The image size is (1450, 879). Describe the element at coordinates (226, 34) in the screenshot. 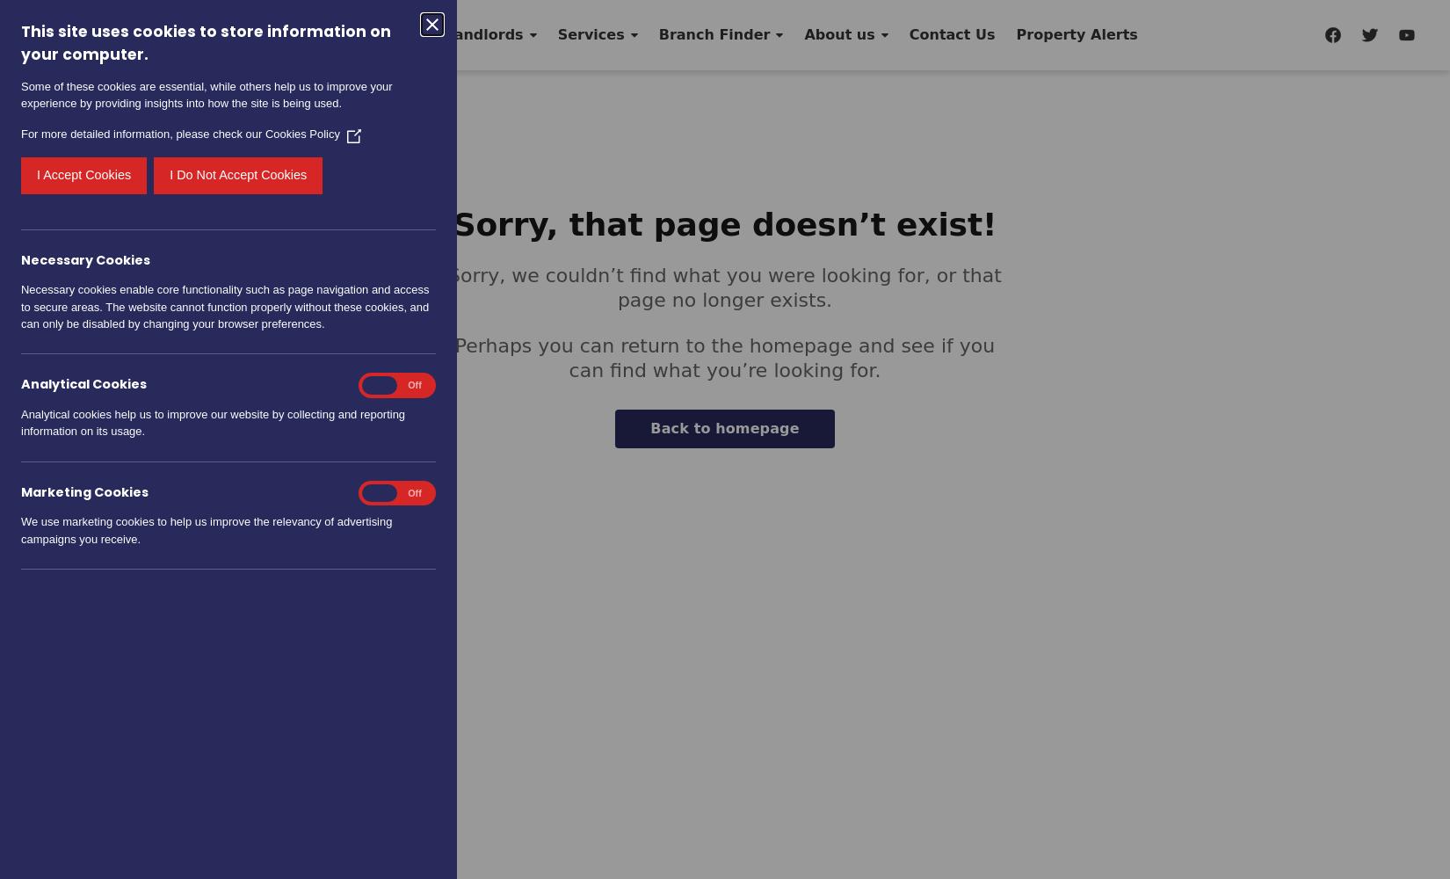

I see `'Sell'` at that location.